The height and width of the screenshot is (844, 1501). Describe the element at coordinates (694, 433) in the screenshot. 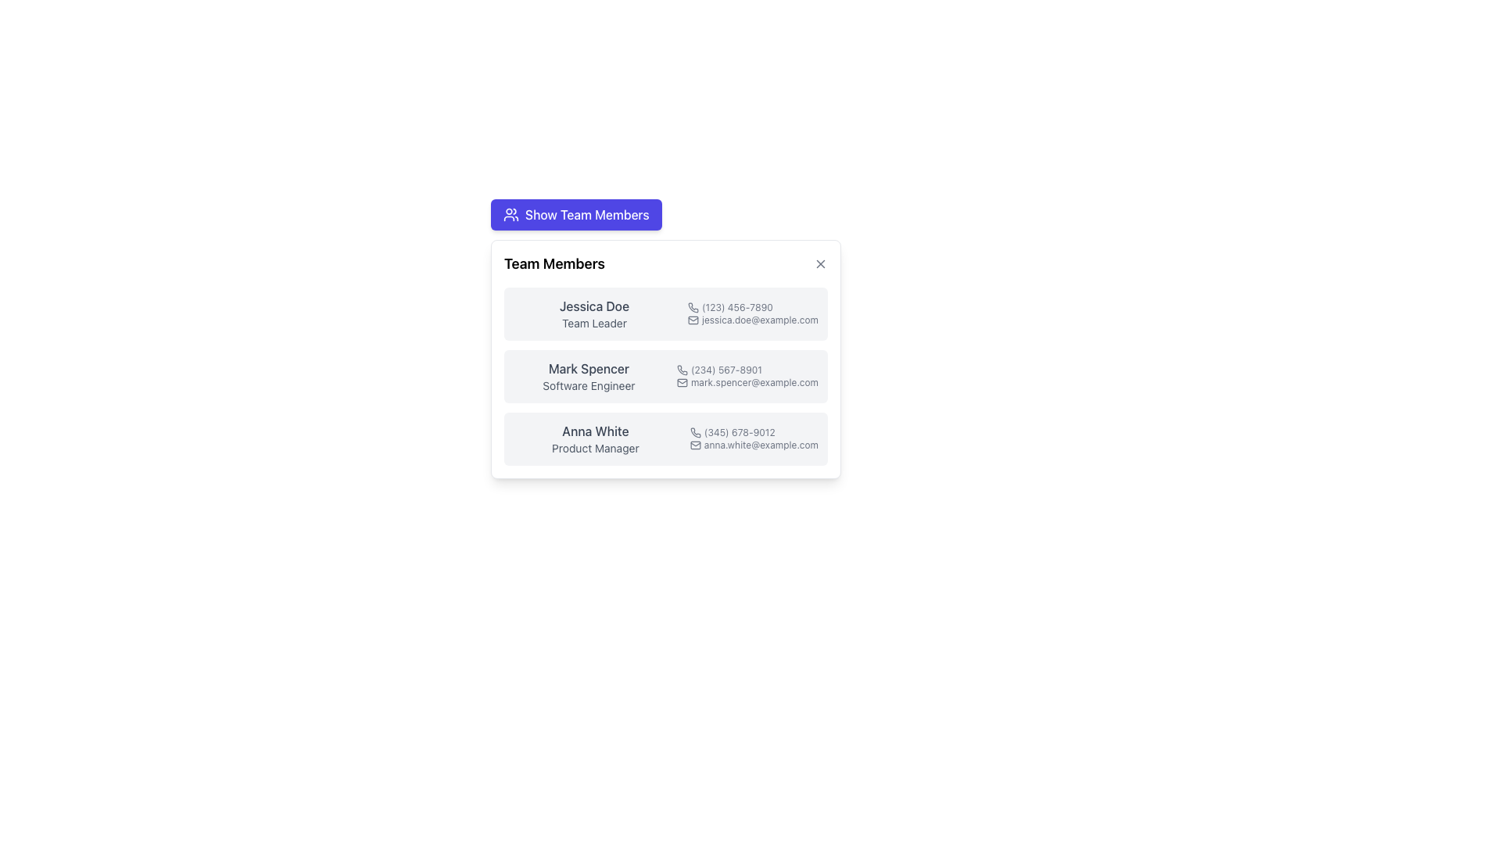

I see `the phone number icon located to the left of the text '(345) 678-9012' under the name 'Anna White' in the 'Team Members' section` at that location.